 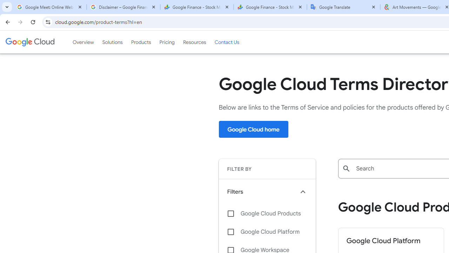 I want to click on 'Filters keyboard_arrow_up', so click(x=267, y=192).